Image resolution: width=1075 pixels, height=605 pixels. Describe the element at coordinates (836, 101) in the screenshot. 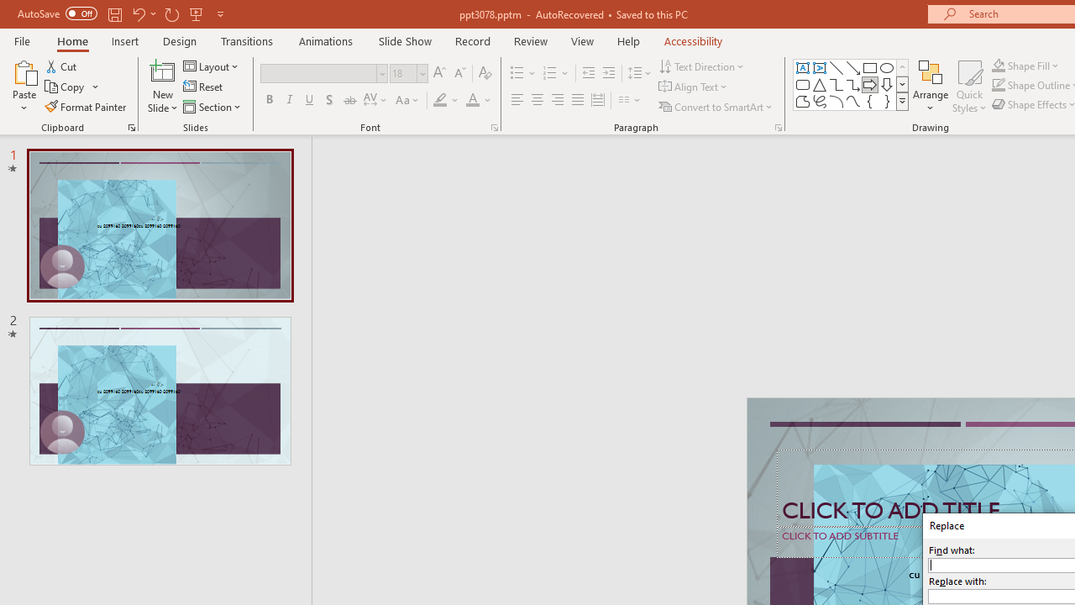

I see `'Arc'` at that location.